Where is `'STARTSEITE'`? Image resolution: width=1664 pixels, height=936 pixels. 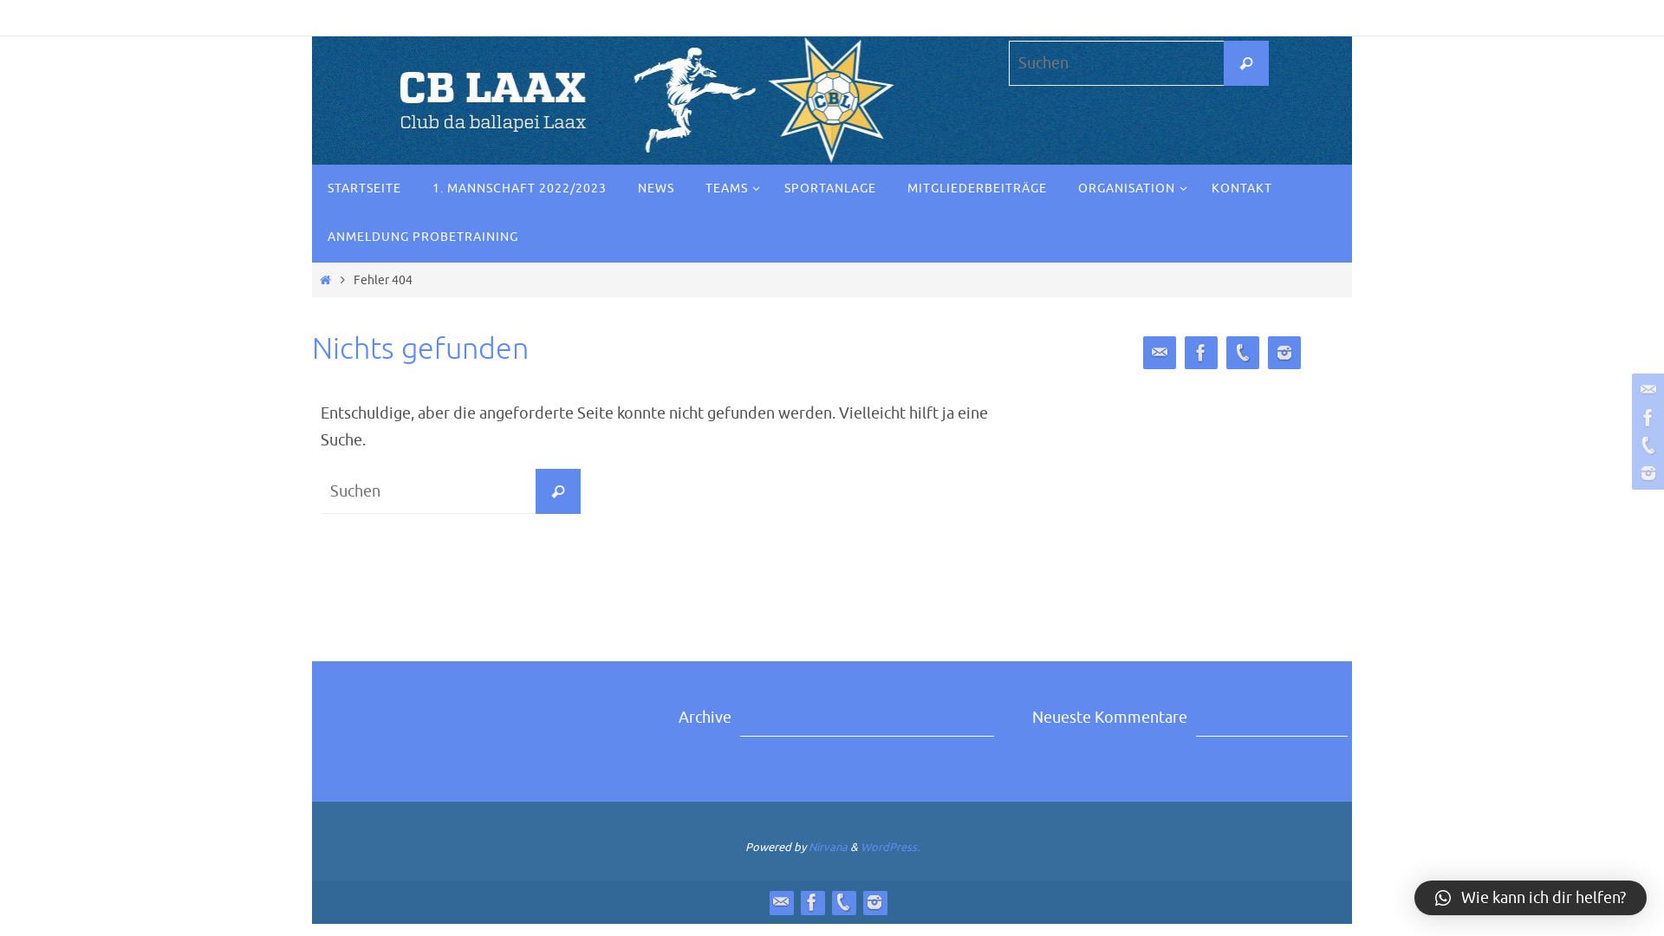
'STARTSEITE' is located at coordinates (312, 189).